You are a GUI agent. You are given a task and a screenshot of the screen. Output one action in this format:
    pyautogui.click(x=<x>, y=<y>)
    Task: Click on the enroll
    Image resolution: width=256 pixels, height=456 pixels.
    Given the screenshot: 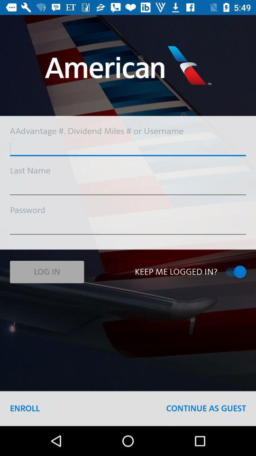 What is the action you would take?
    pyautogui.click(x=25, y=408)
    